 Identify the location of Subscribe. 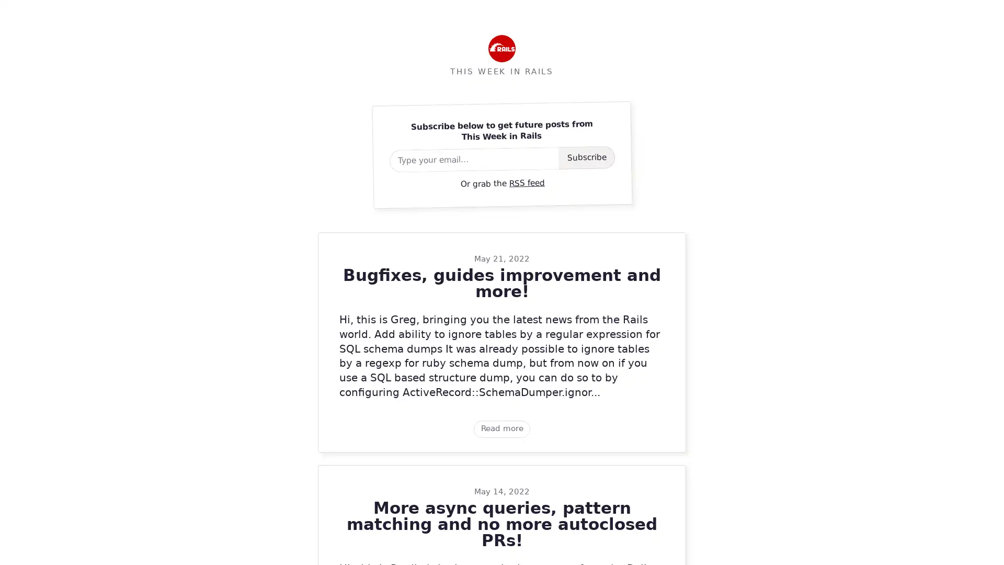
(586, 157).